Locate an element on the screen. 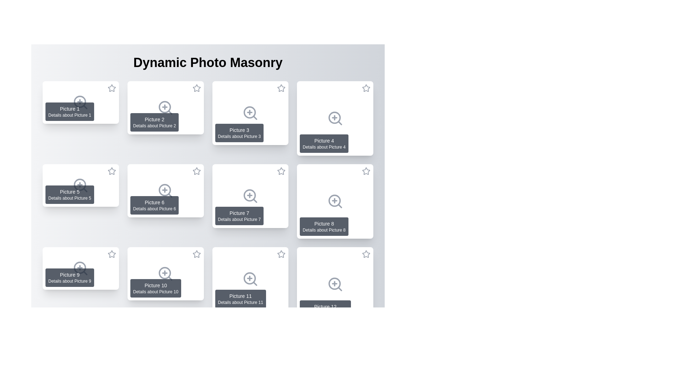 This screenshot has height=383, width=682. the zoom-in icon, which is a magnifying glass with a plus sign, located in the lower center of the 'Picture 10' card in the 'Dynamic Photo Masonry' layout is located at coordinates (165, 273).